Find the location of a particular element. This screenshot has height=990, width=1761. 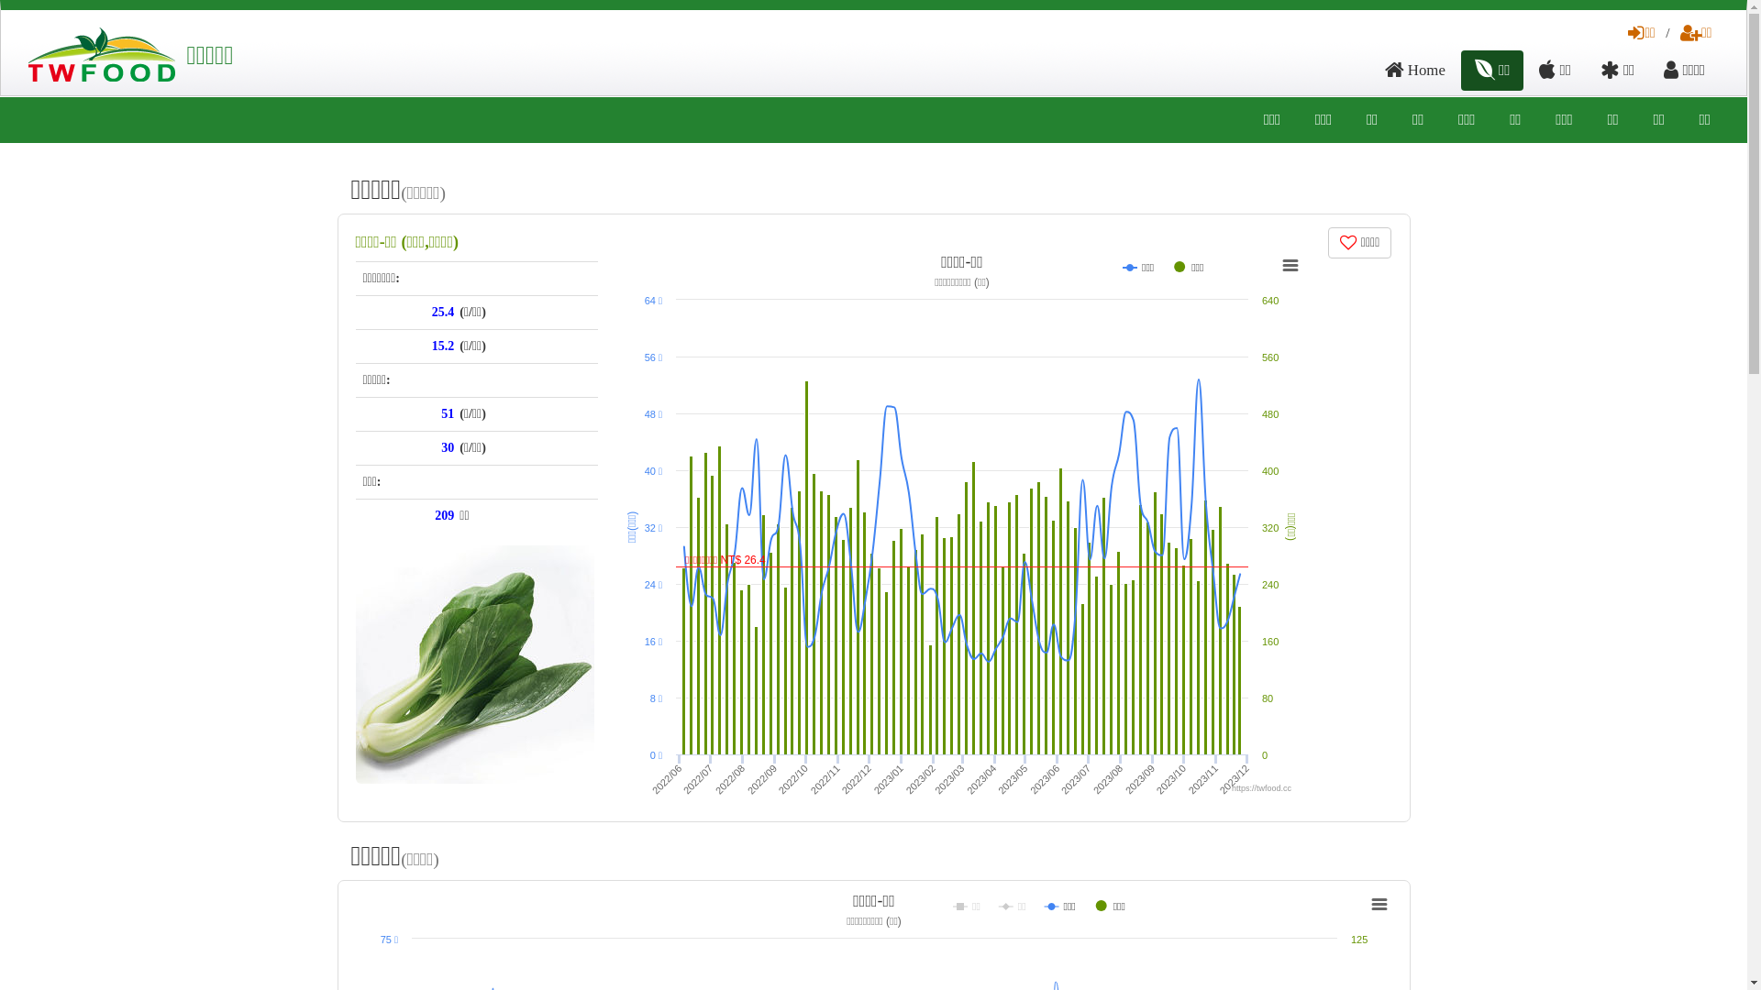

'Home' is located at coordinates (1413, 70).